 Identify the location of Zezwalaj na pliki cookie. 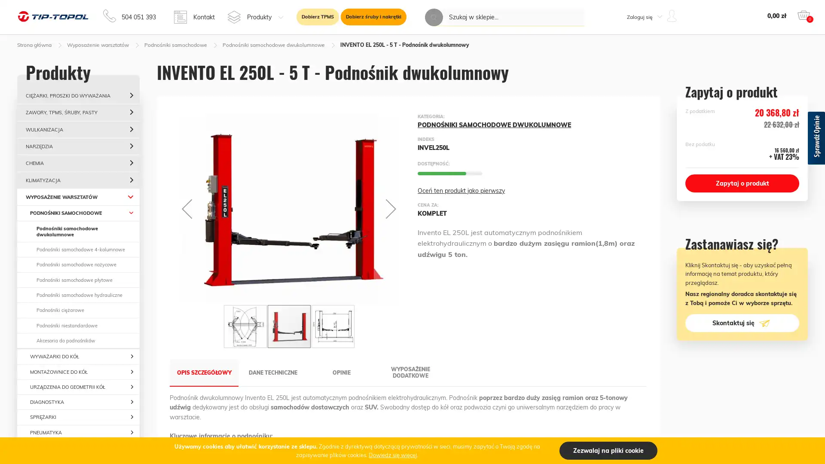
(608, 450).